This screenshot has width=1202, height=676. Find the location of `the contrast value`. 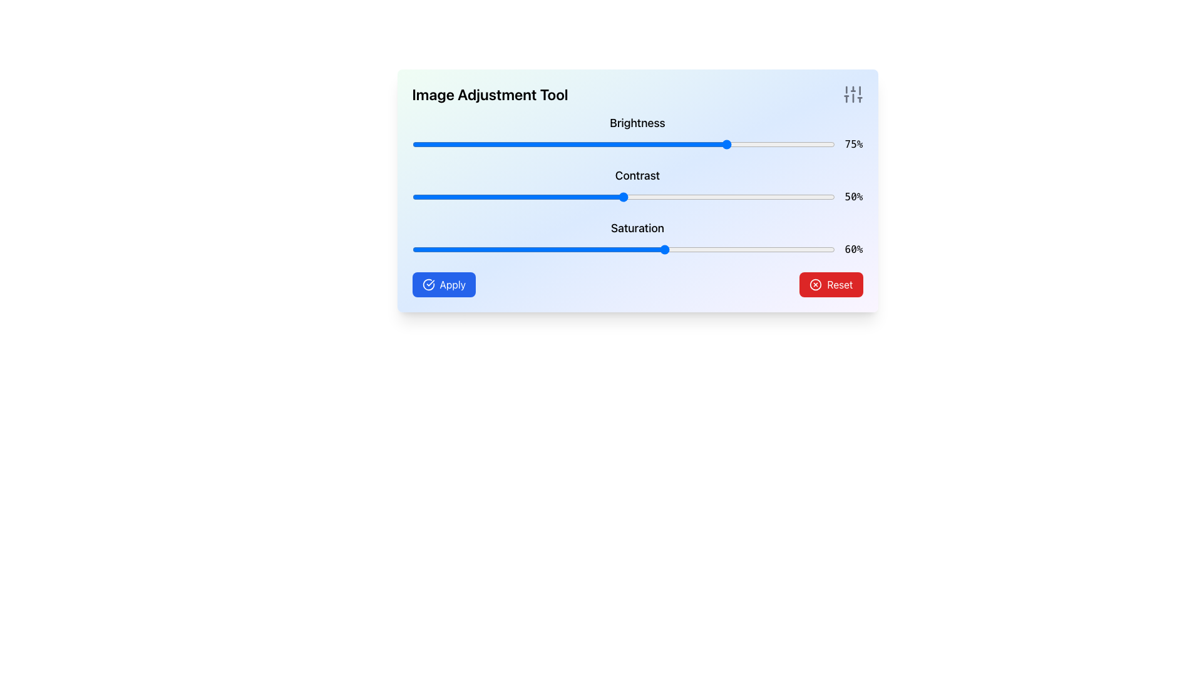

the contrast value is located at coordinates (555, 197).